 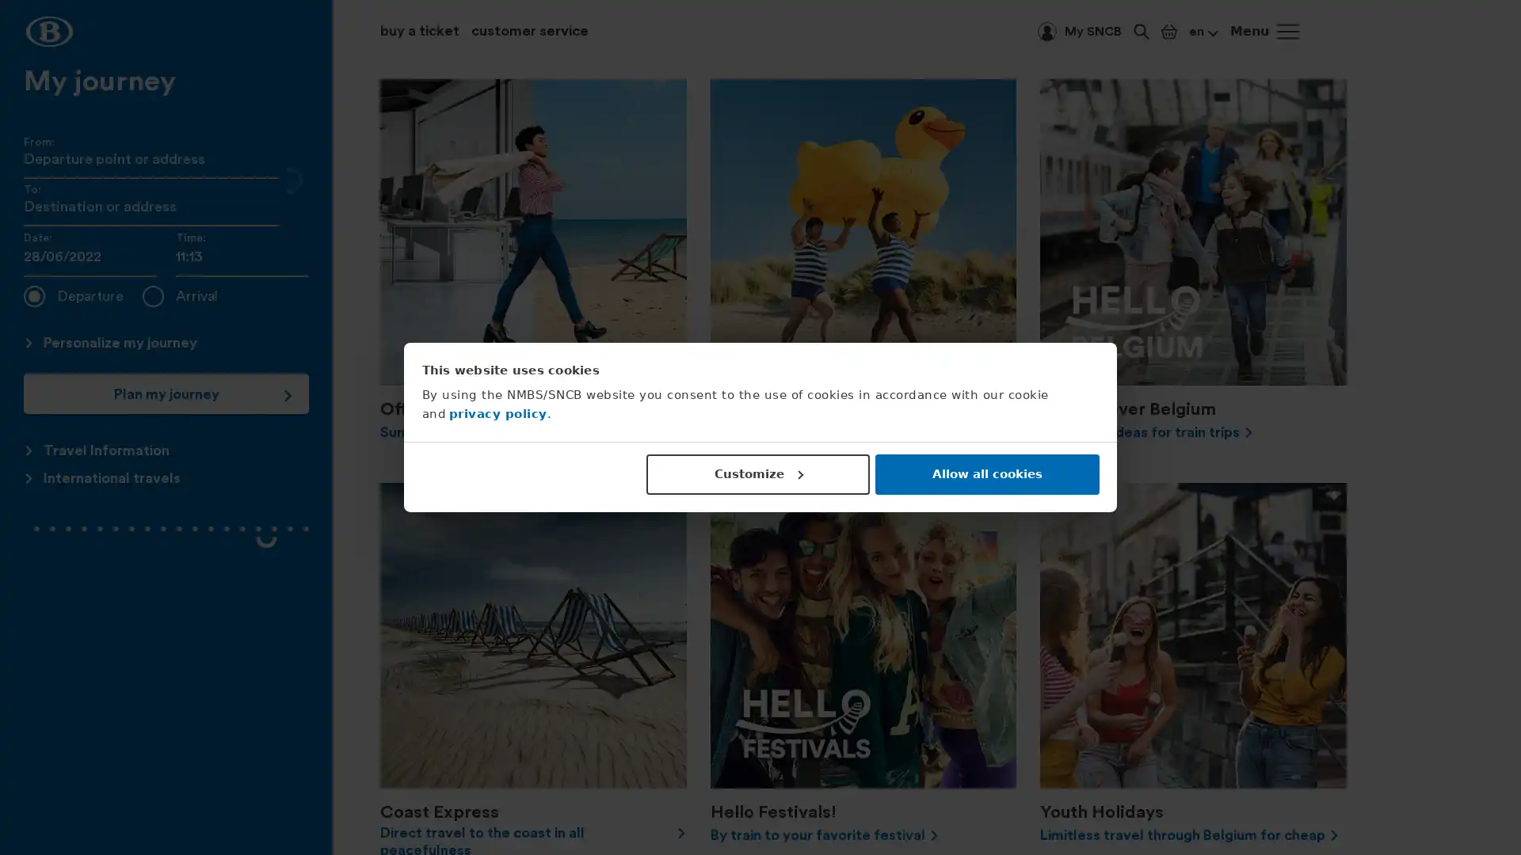 What do you see at coordinates (166, 393) in the screenshot?
I see `Plan my journey` at bounding box center [166, 393].